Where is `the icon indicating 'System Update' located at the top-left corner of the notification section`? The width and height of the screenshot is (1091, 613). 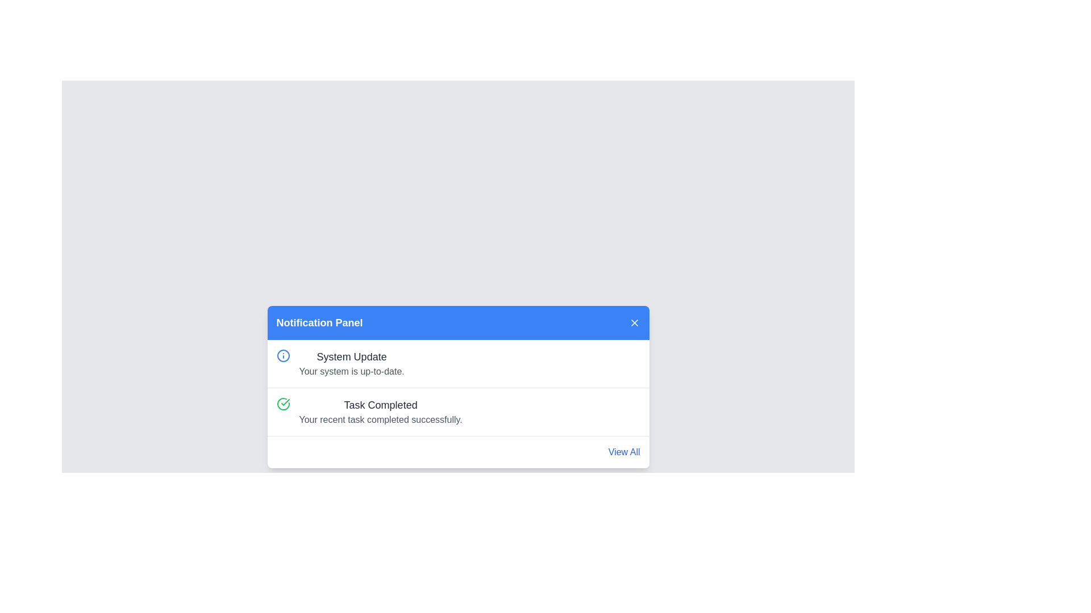 the icon indicating 'System Update' located at the top-left corner of the notification section is located at coordinates (283, 355).